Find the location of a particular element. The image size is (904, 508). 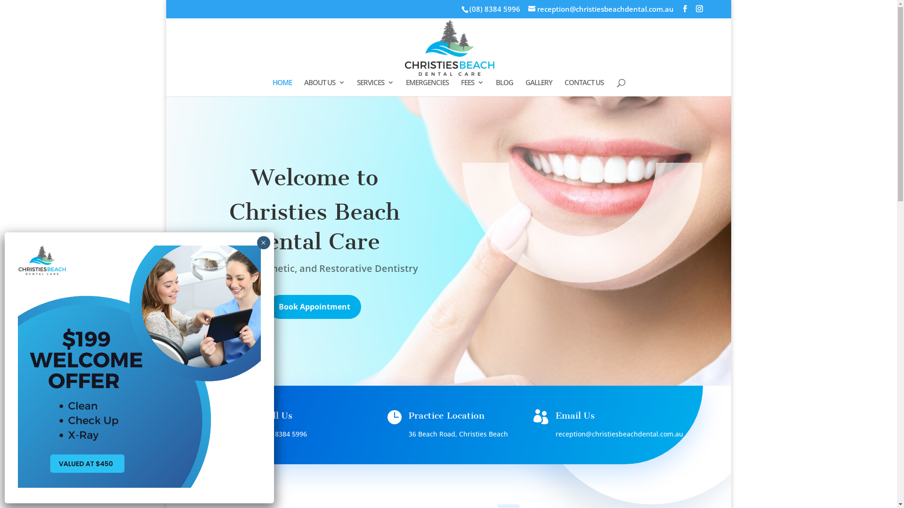

'HOME' is located at coordinates (282, 87).